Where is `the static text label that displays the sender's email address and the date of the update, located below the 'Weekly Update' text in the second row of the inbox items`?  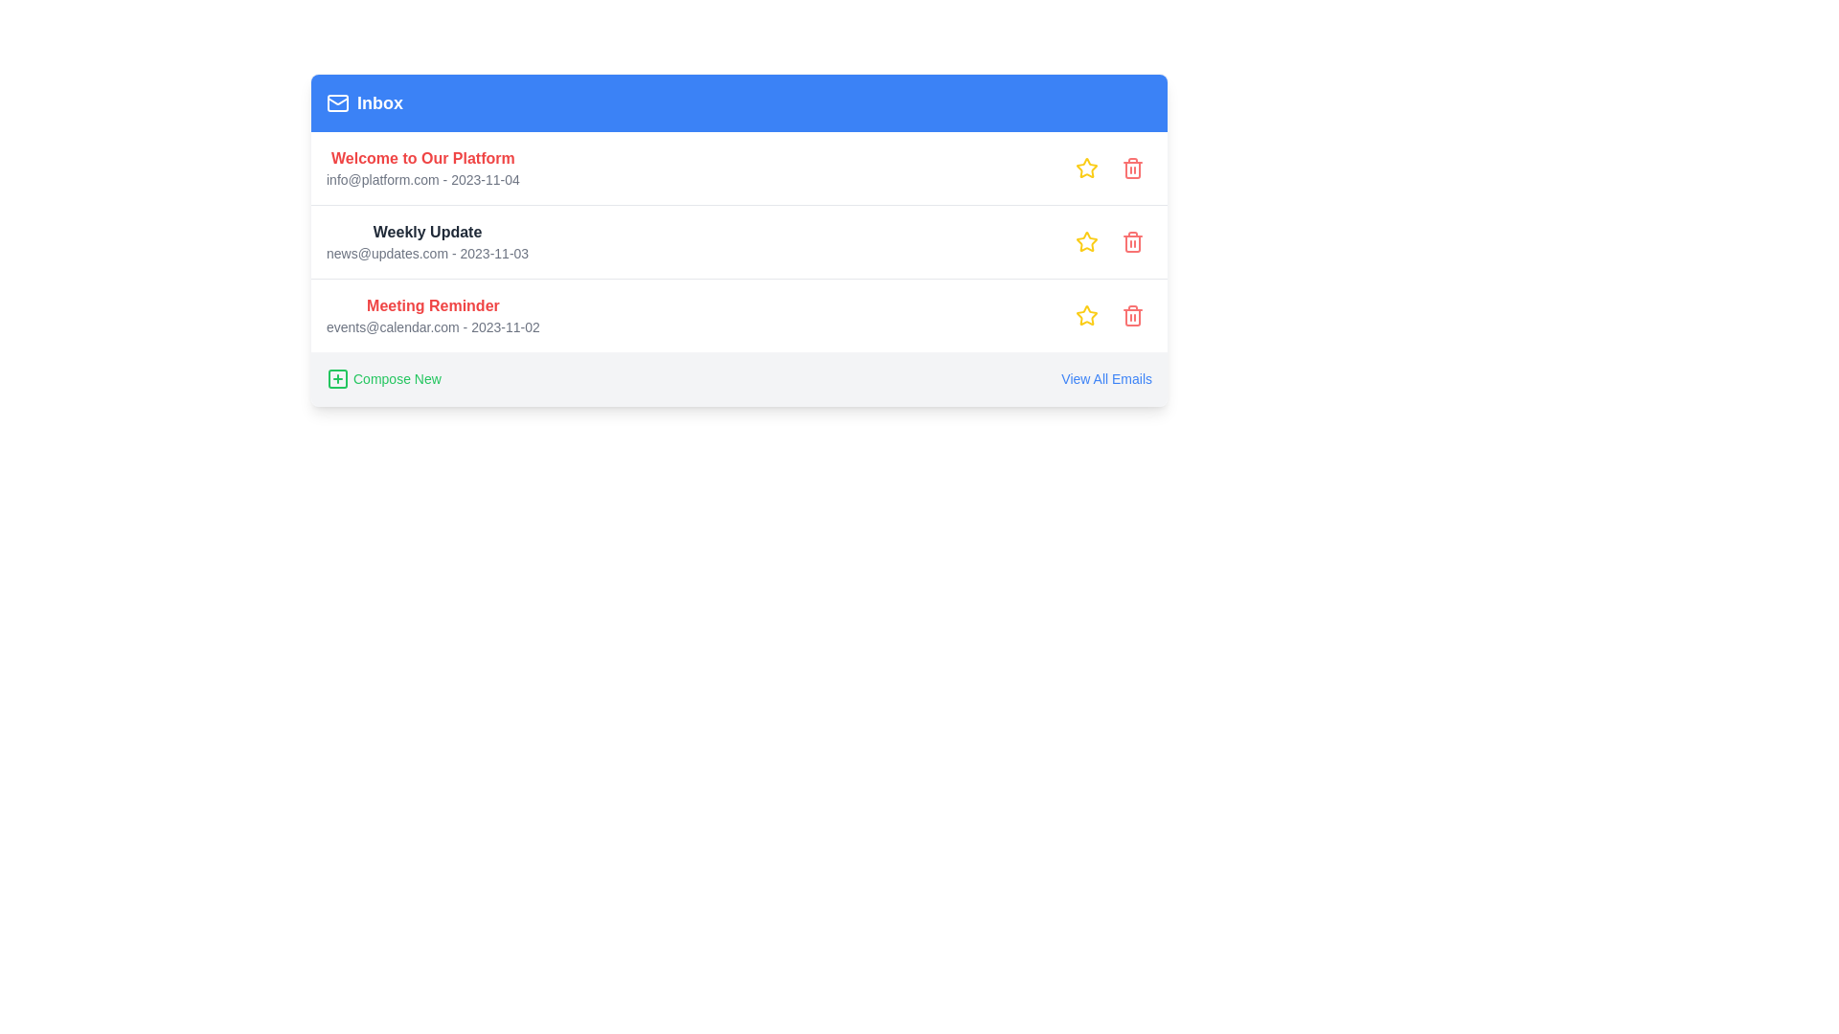 the static text label that displays the sender's email address and the date of the update, located below the 'Weekly Update' text in the second row of the inbox items is located at coordinates (426, 253).